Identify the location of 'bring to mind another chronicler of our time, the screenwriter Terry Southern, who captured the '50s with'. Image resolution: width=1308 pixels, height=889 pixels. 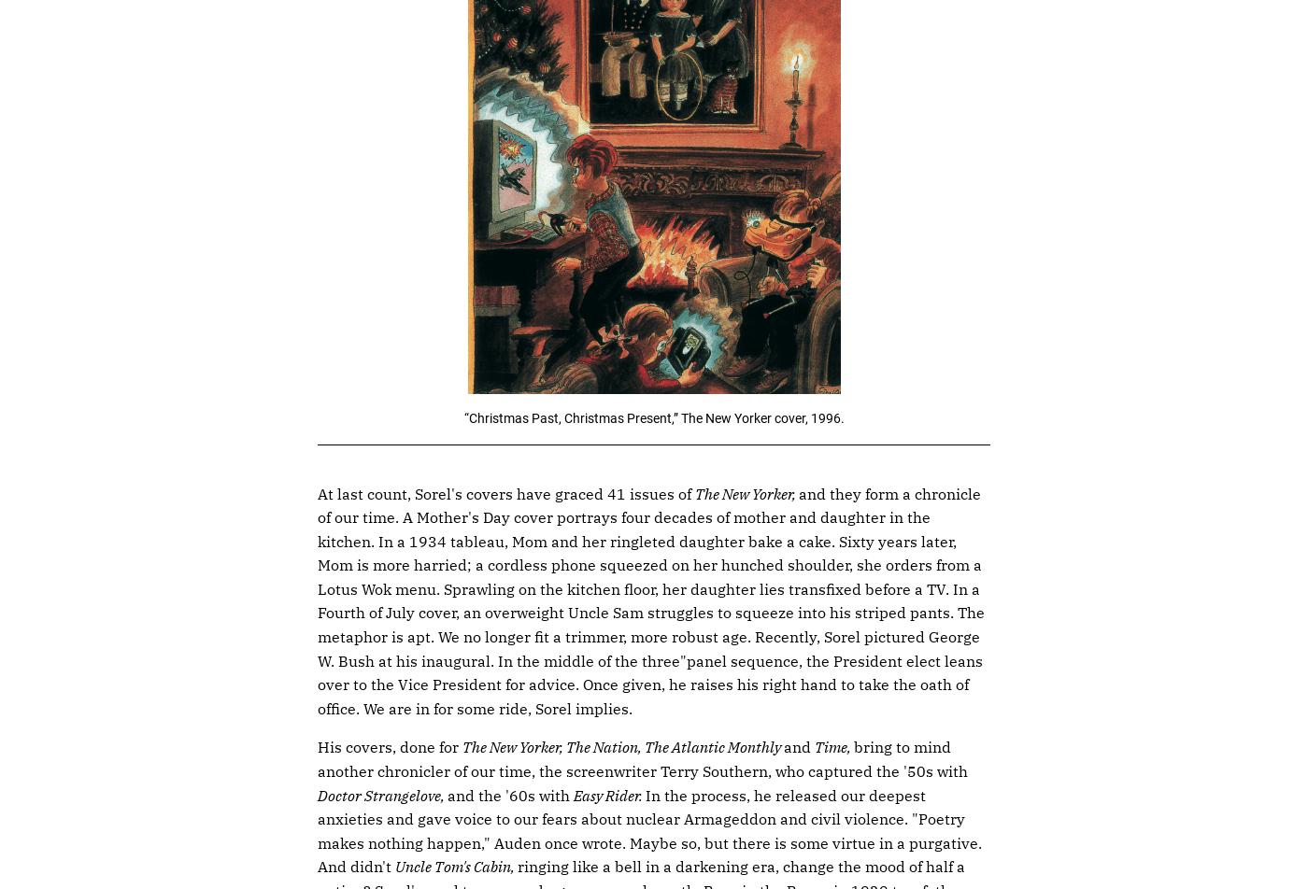
(642, 759).